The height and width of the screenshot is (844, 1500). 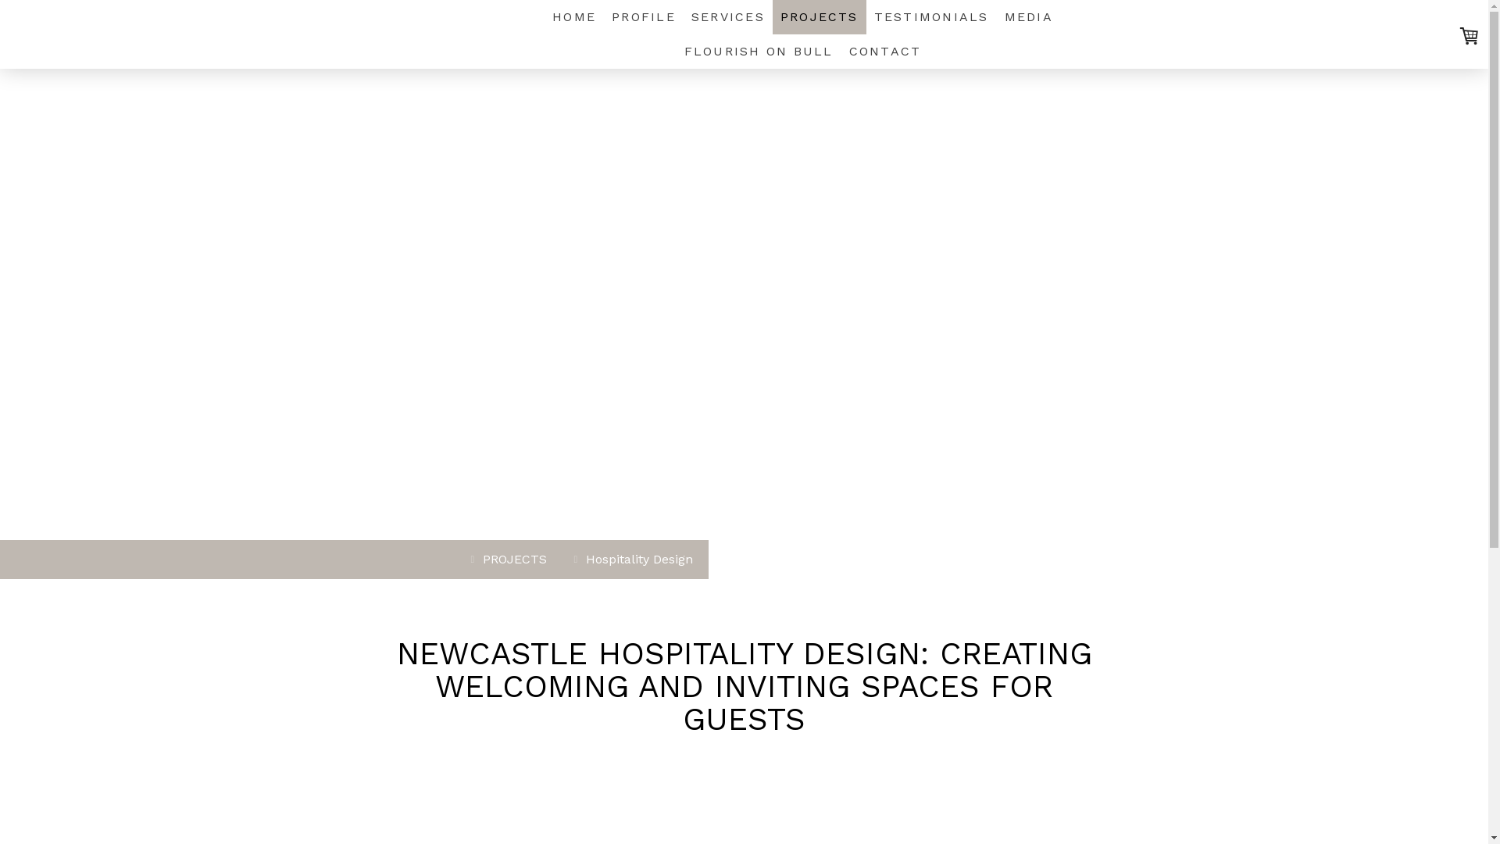 I want to click on 'PROJECTS', so click(x=819, y=17).